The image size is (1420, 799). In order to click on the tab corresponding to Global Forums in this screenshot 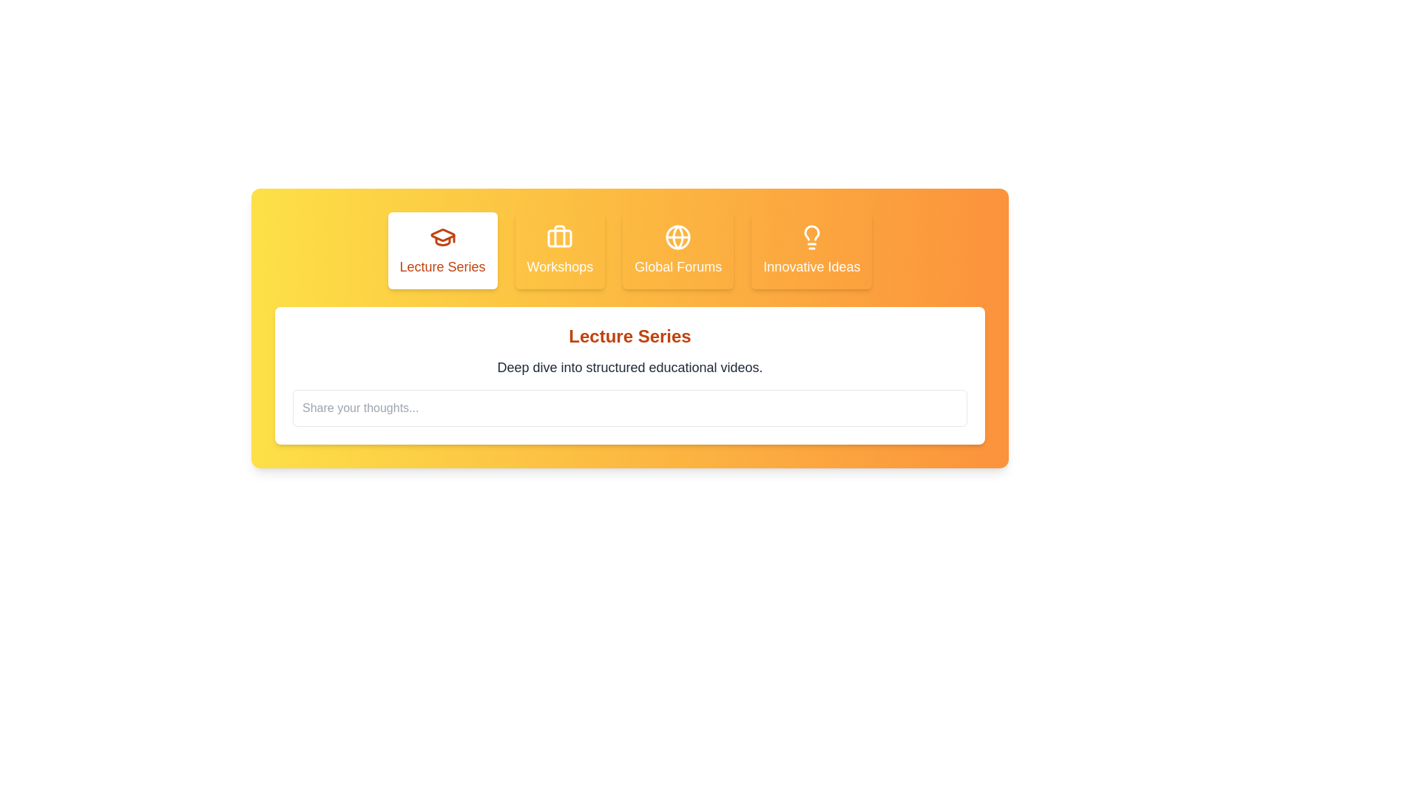, I will do `click(677, 250)`.